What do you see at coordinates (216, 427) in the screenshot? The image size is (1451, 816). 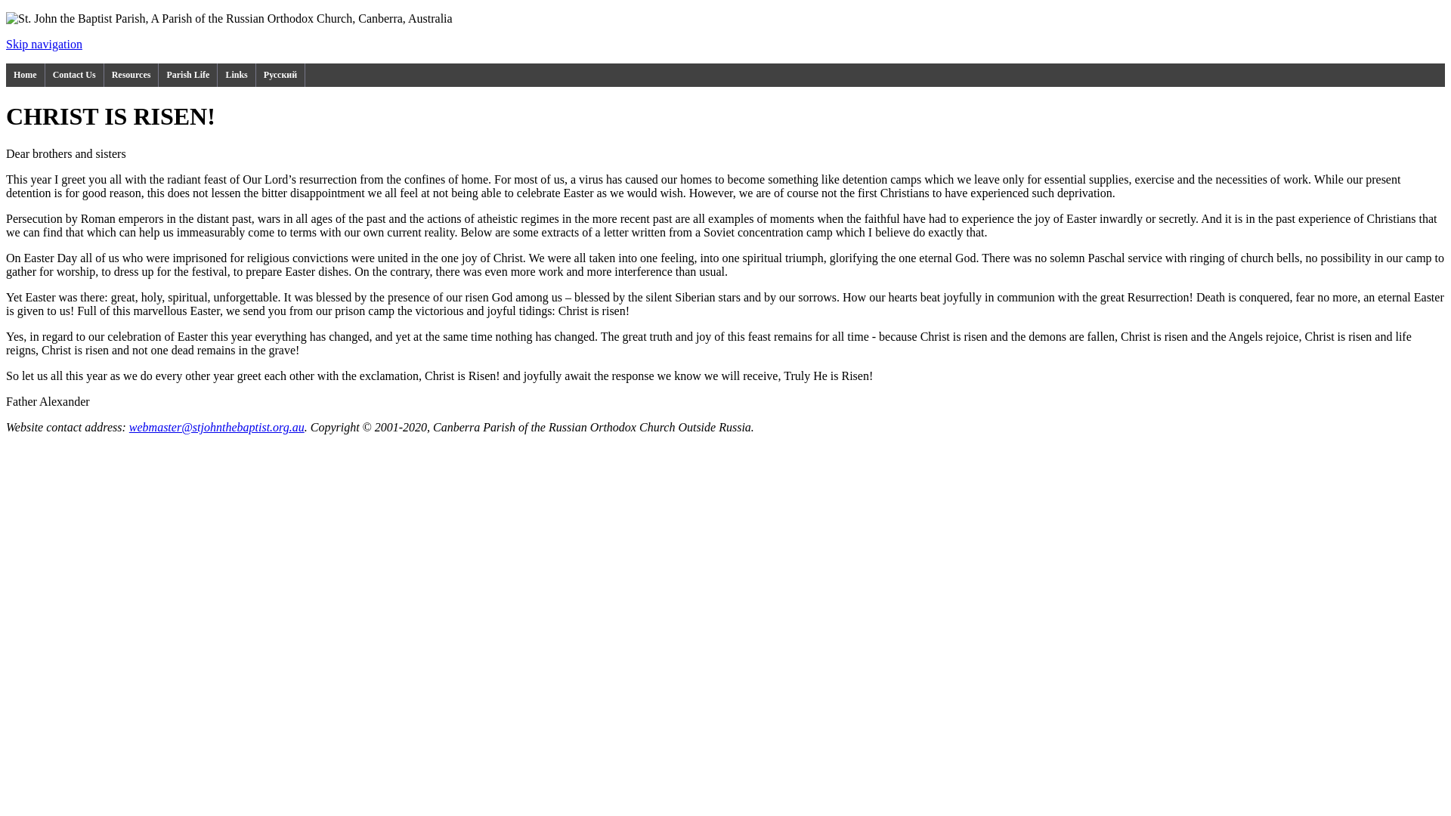 I see `'webmaster@stjohnthebaptist.org.au'` at bounding box center [216, 427].